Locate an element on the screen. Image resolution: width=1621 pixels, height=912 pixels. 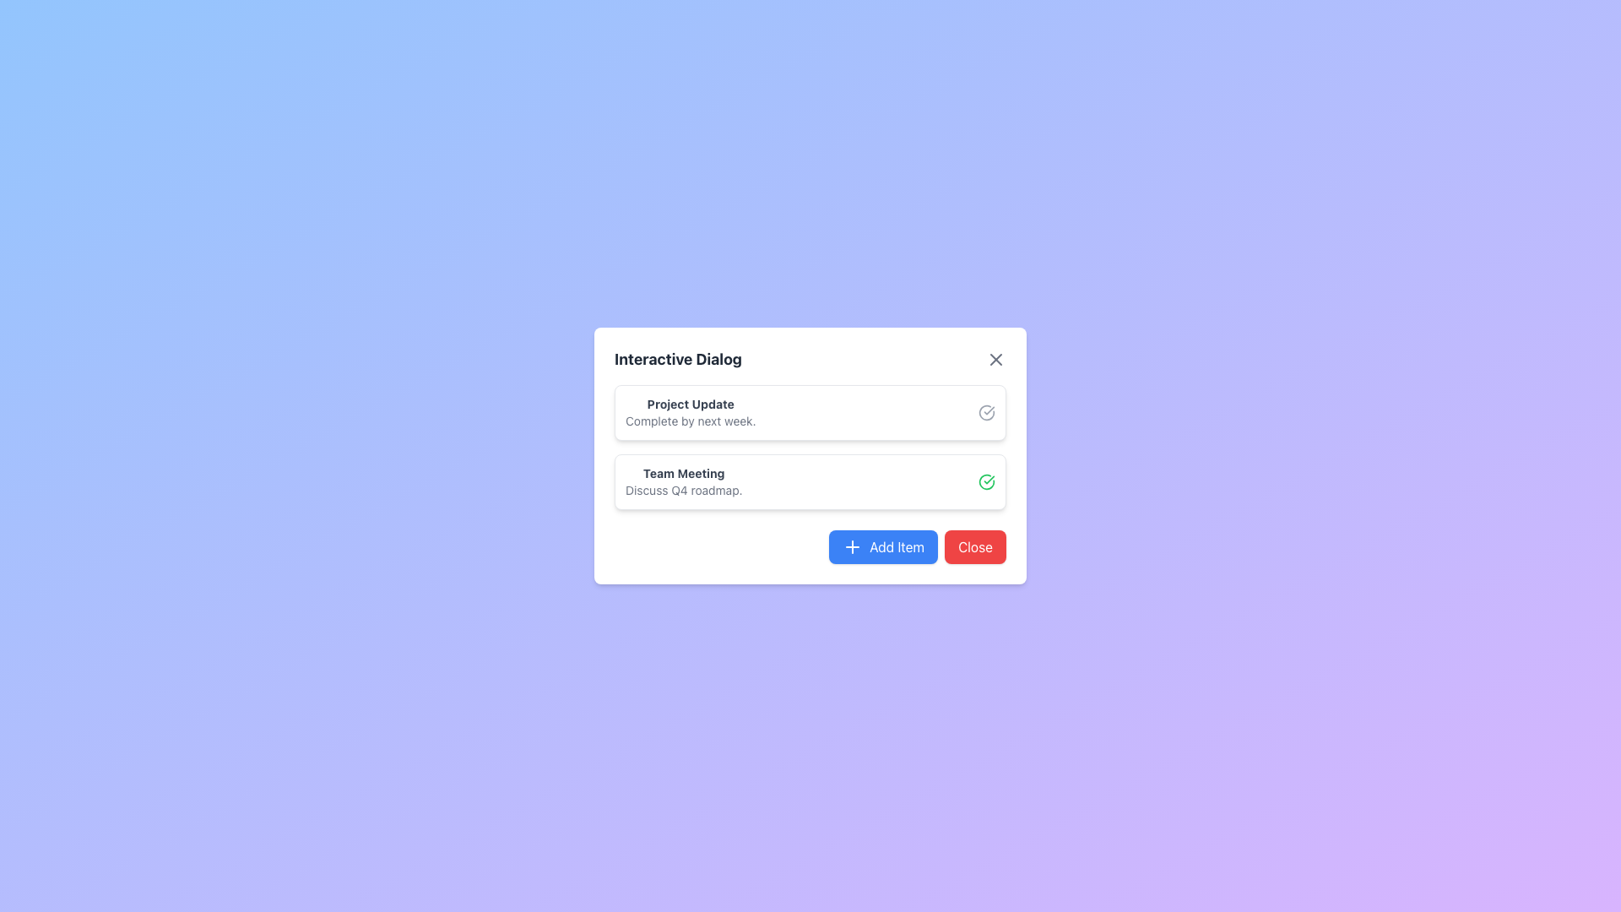
the circular checkmark icon located at the far right of the 'Project Update' card, which has a subtle gray stroke and a minimal design is located at coordinates (987, 413).